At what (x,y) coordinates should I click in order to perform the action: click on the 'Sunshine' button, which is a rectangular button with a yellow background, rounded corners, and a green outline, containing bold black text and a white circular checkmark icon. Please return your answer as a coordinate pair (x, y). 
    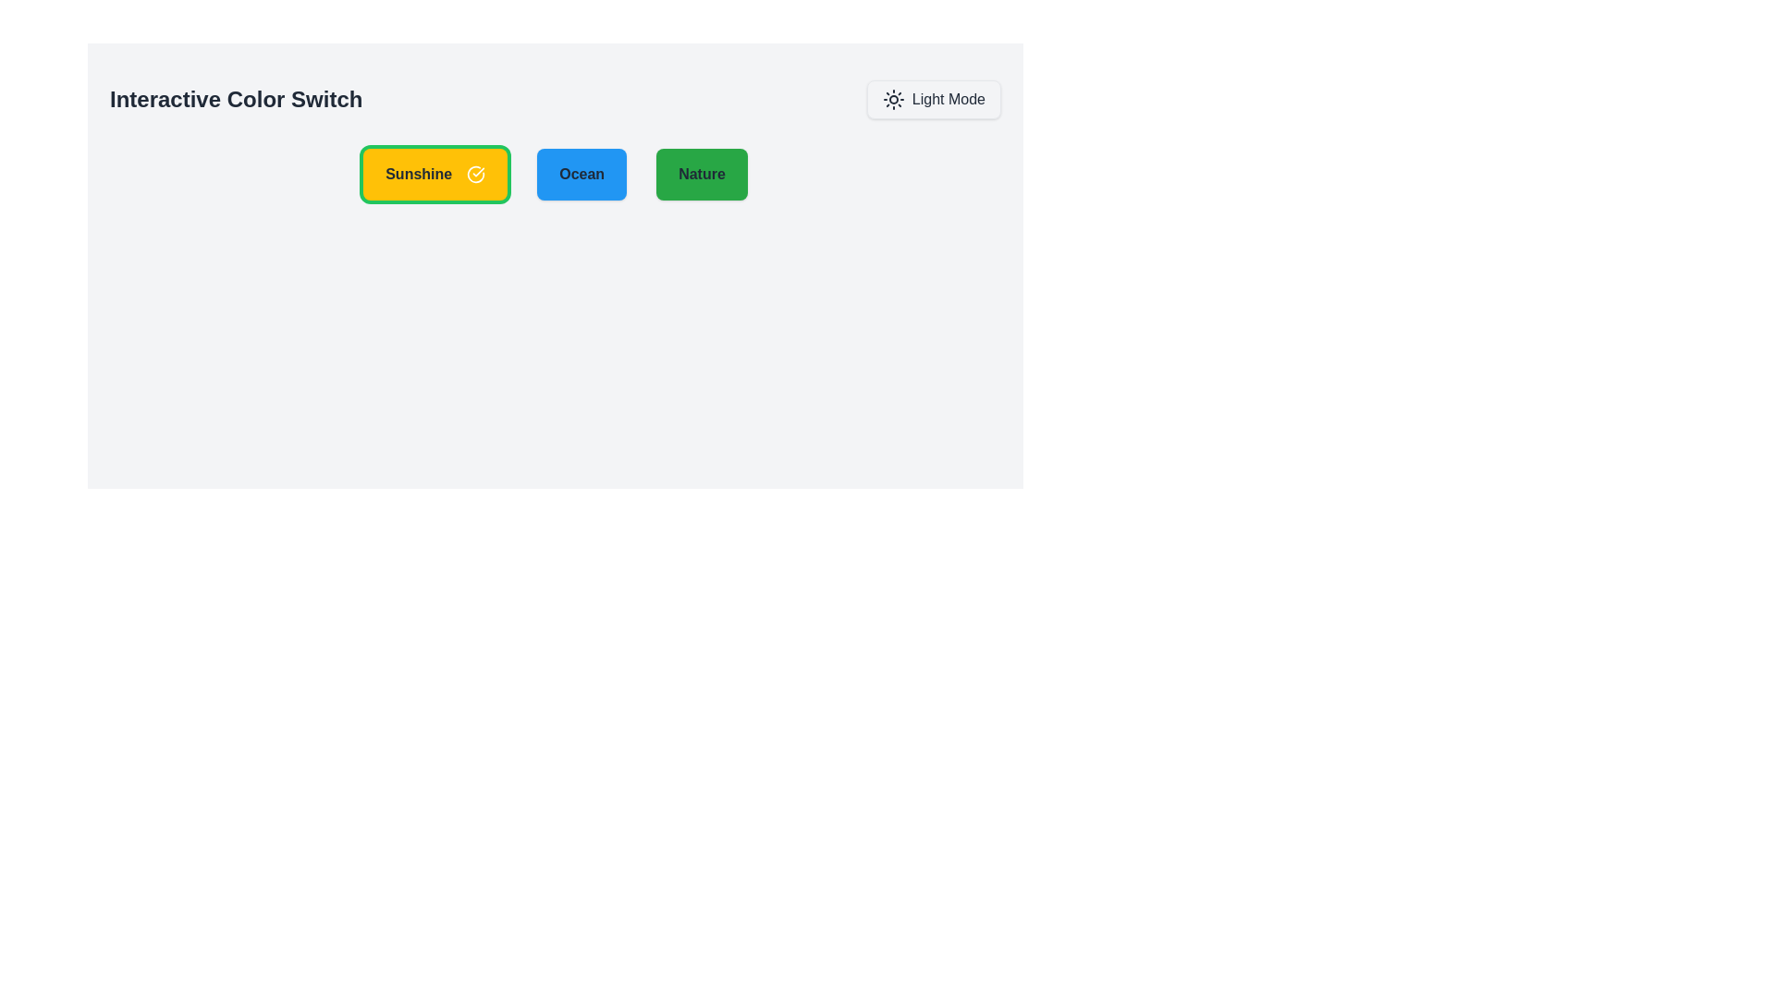
    Looking at the image, I should click on (435, 175).